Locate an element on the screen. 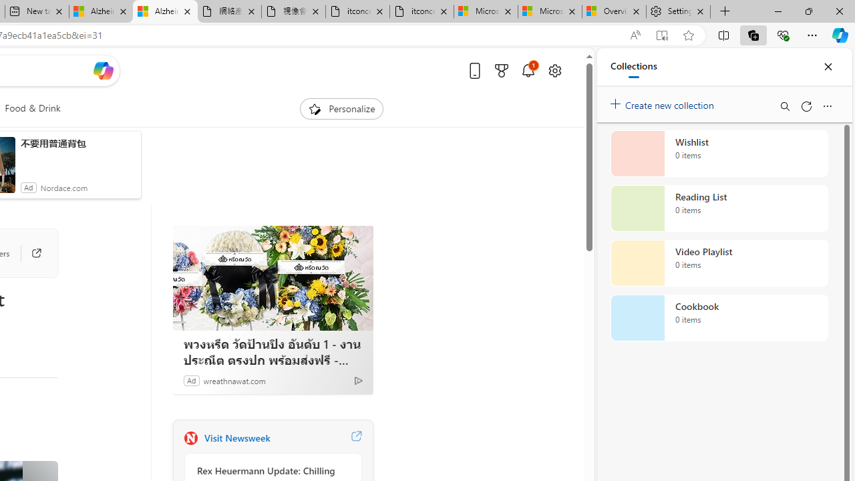 The image size is (855, 481). 'Video Playlist collection, 0 items' is located at coordinates (719, 263).